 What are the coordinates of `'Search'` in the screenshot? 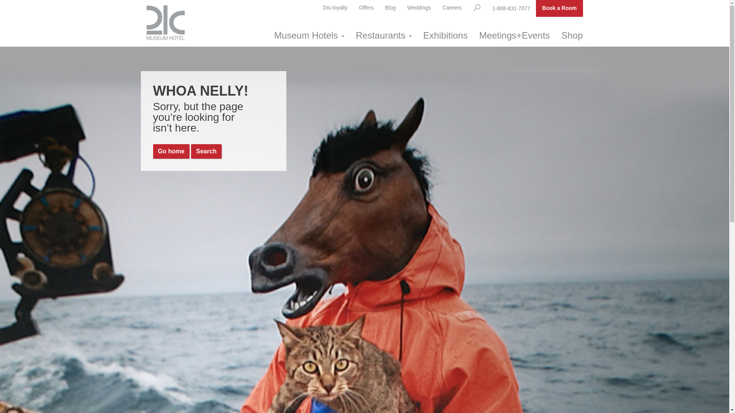 It's located at (206, 151).